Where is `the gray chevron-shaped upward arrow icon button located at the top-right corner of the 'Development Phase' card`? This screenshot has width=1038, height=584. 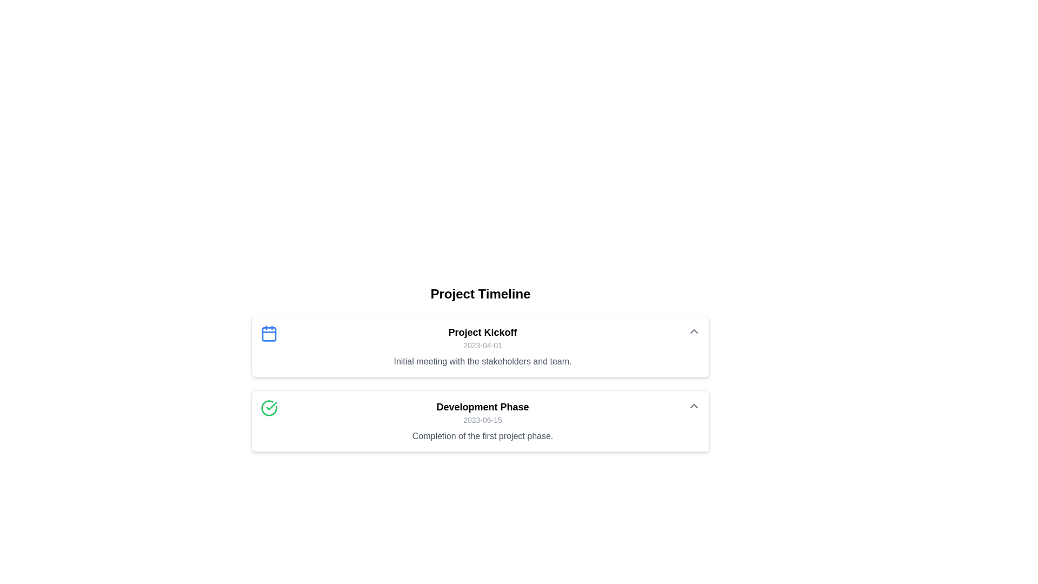 the gray chevron-shaped upward arrow icon button located at the top-right corner of the 'Development Phase' card is located at coordinates (694, 406).